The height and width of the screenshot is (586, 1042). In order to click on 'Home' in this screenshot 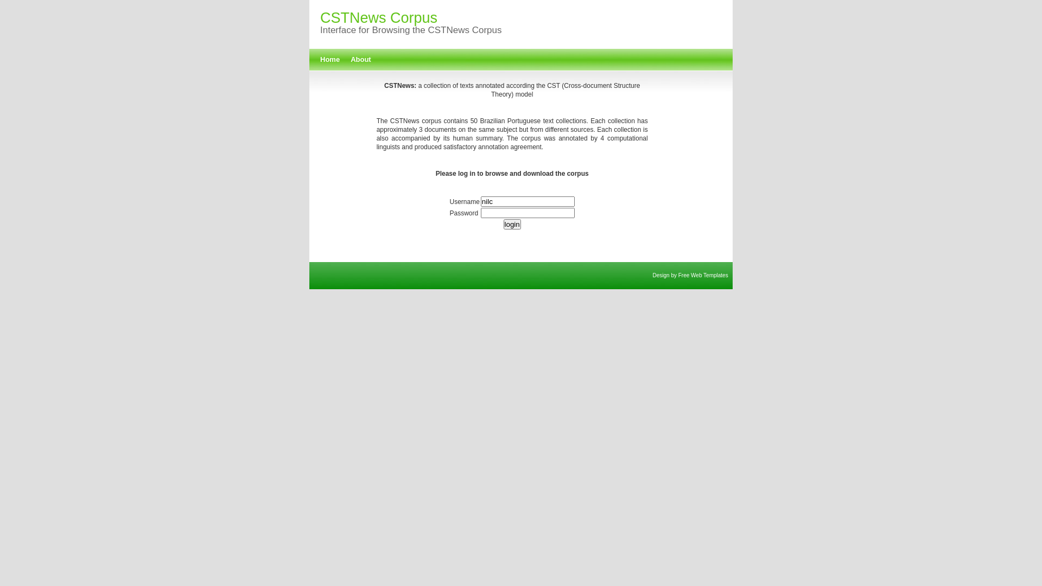, I will do `click(329, 60)`.